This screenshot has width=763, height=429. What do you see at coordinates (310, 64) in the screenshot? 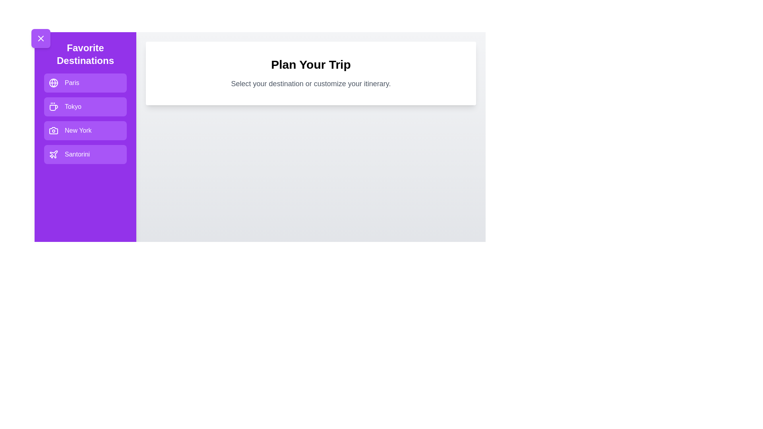
I see `the 'Plan Your Trip' title to highlight it` at bounding box center [310, 64].